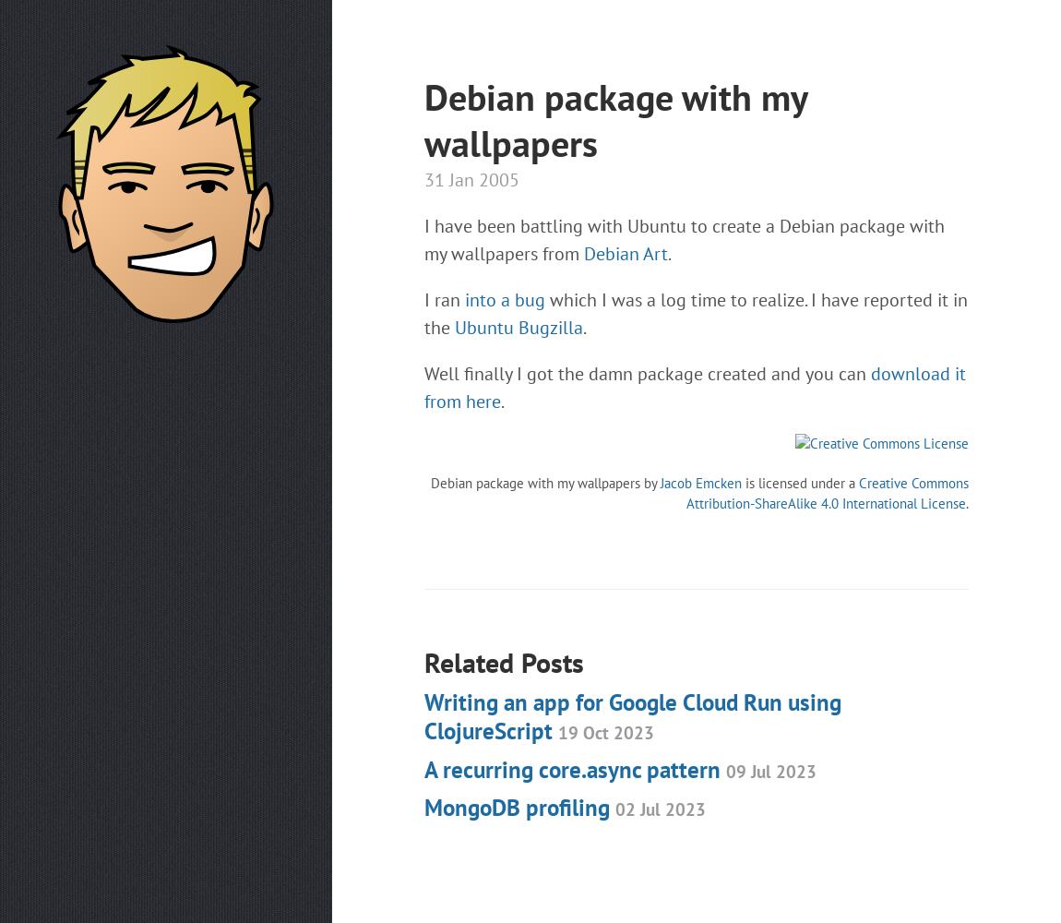  What do you see at coordinates (800, 482) in the screenshot?
I see `'is licensed under a'` at bounding box center [800, 482].